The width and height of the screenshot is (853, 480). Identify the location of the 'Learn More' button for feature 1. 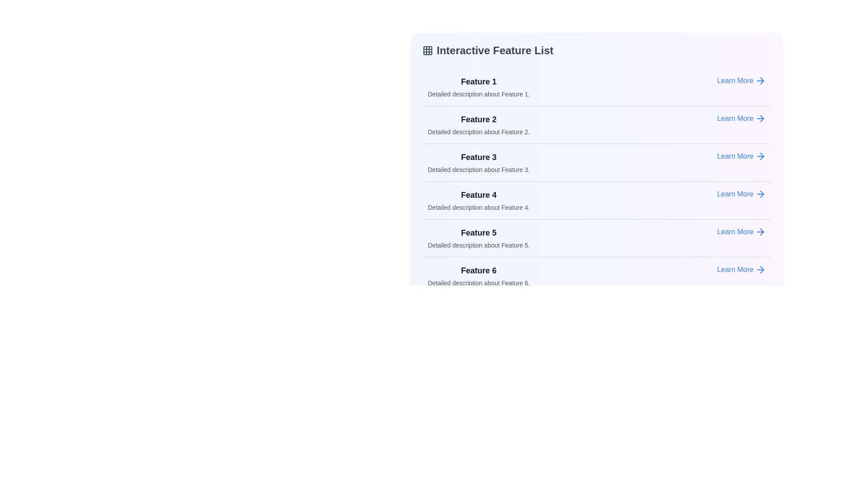
(741, 80).